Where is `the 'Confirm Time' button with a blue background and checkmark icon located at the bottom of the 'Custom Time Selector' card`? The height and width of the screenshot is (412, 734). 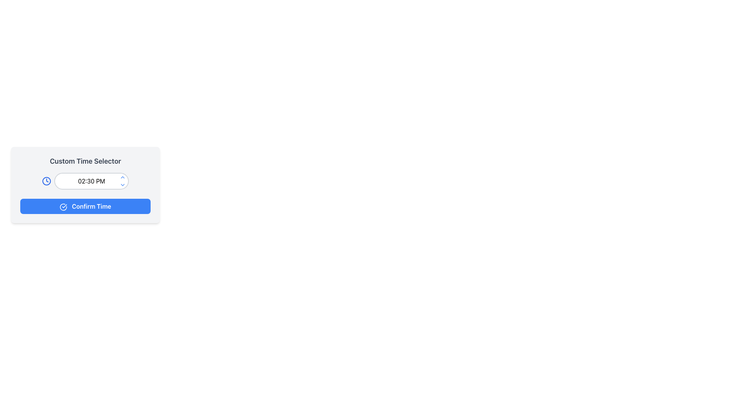
the 'Confirm Time' button with a blue background and checkmark icon located at the bottom of the 'Custom Time Selector' card is located at coordinates (85, 206).